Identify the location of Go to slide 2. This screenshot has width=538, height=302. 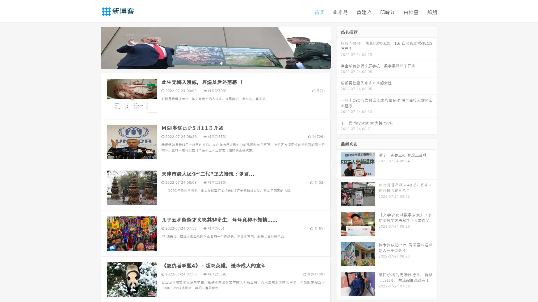
(215, 63).